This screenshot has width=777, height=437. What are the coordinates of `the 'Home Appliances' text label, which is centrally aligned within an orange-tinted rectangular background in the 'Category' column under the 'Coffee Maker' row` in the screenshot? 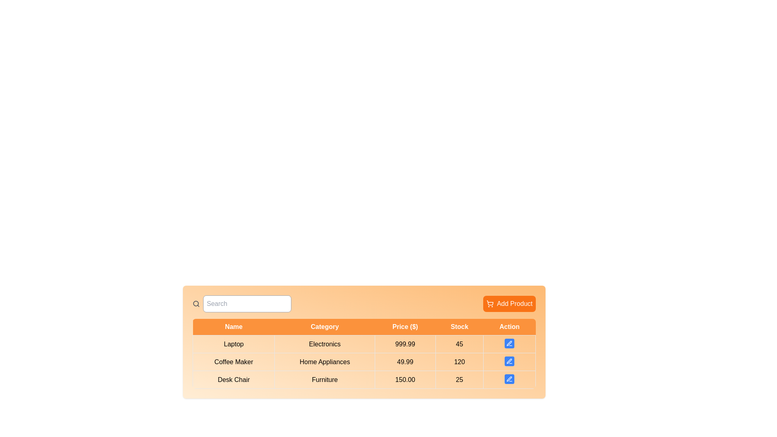 It's located at (325, 361).